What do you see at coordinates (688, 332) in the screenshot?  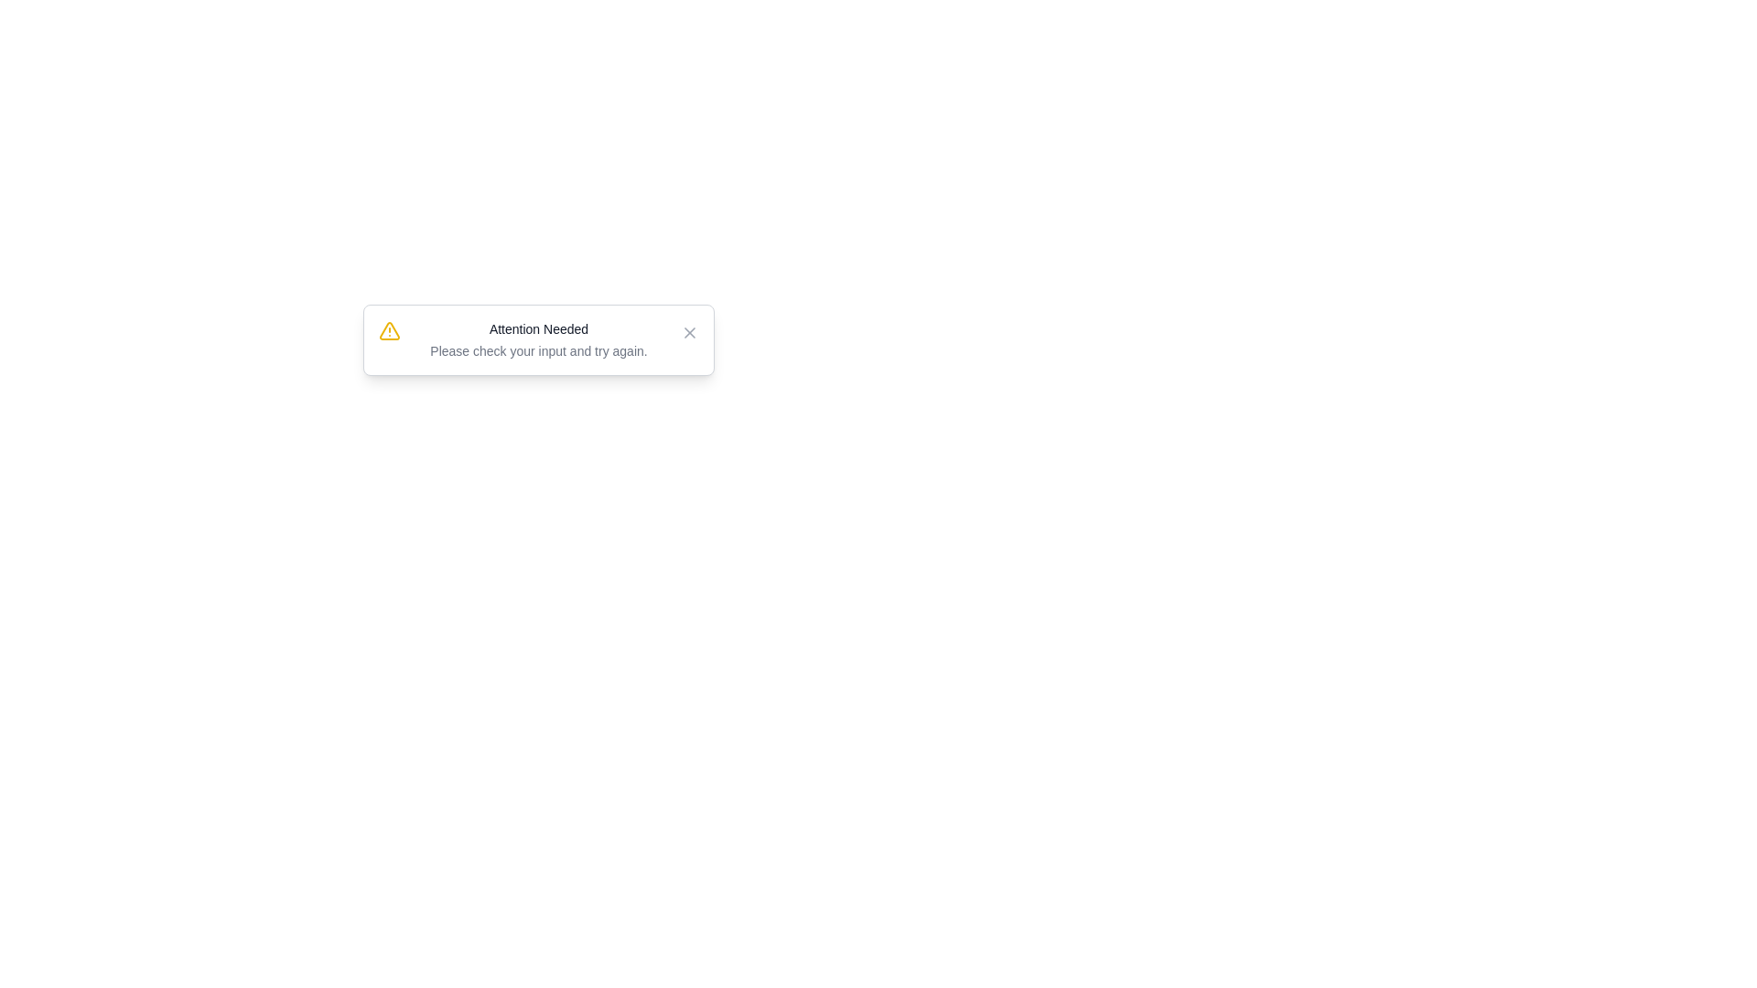 I see `the close button to dismiss the notification` at bounding box center [688, 332].